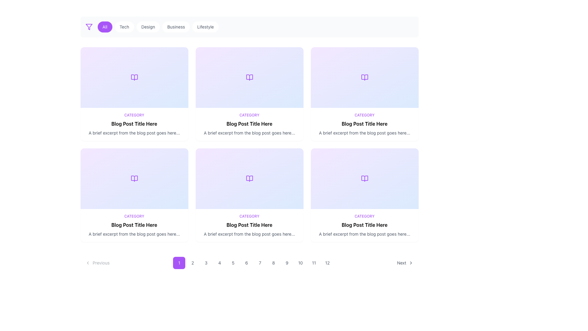 This screenshot has height=331, width=588. Describe the element at coordinates (134, 77) in the screenshot. I see `the Decorative graphic element, which features a gradient background from purple to blue and contains a purple line-style book icon, located in the top-left corner of the grid layout` at that location.